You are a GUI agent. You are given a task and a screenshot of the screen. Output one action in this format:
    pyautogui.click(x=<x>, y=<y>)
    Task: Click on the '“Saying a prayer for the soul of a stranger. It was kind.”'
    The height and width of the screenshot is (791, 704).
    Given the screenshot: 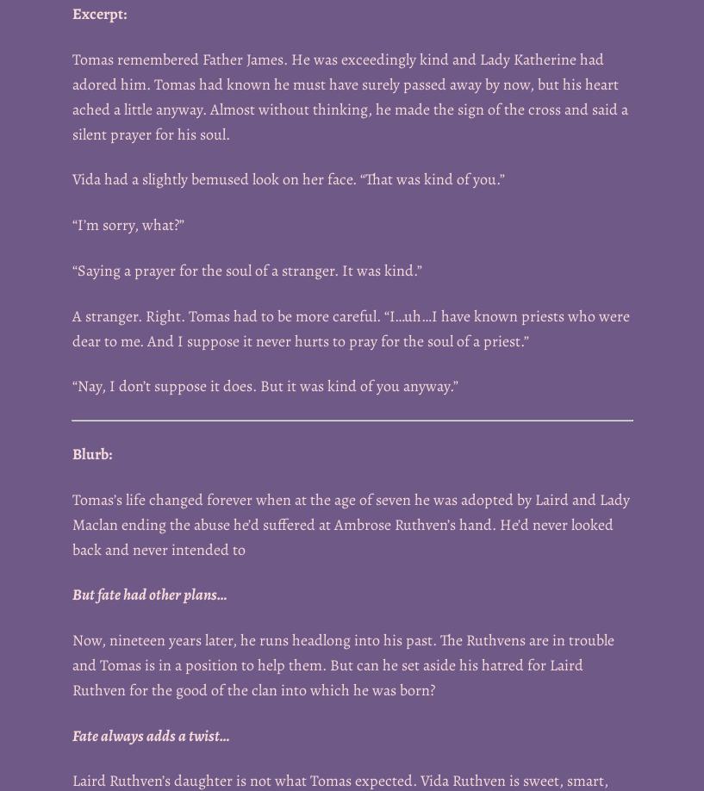 What is the action you would take?
    pyautogui.click(x=72, y=270)
    